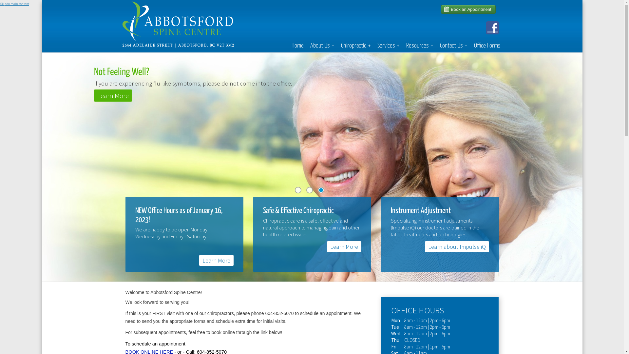  What do you see at coordinates (344, 246) in the screenshot?
I see `'Learn More'` at bounding box center [344, 246].